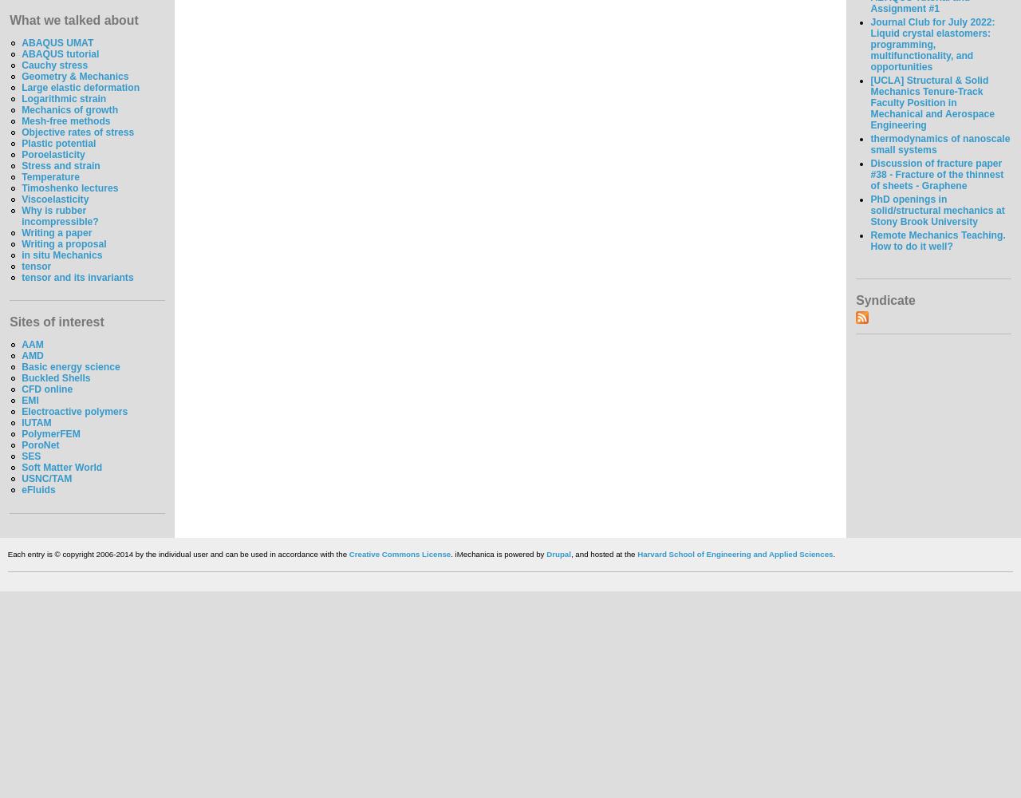  I want to click on 'Journal Club for July 2022: Liquid crystal elastomers: programming, multifunctionality, and opportunities', so click(869, 45).